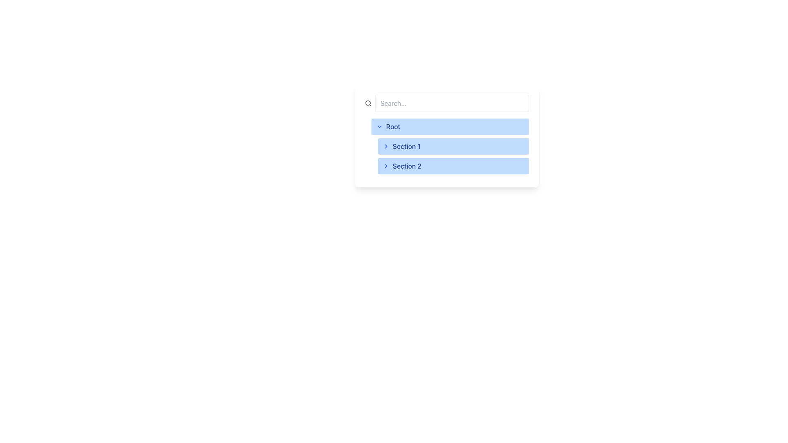 The width and height of the screenshot is (788, 443). Describe the element at coordinates (367, 103) in the screenshot. I see `the central circle of the magnifying glass icon, which represents the search functionality in the user interface` at that location.